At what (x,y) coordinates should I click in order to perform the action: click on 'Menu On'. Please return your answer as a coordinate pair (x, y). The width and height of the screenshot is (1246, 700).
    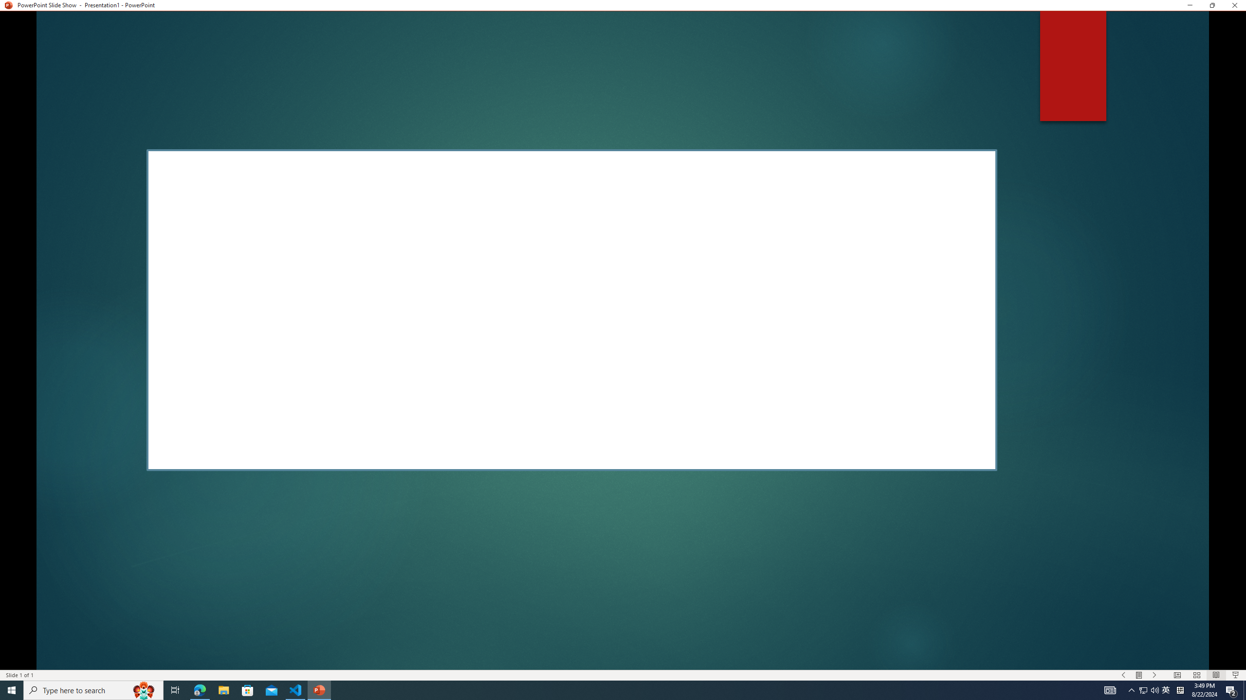
    Looking at the image, I should click on (1139, 675).